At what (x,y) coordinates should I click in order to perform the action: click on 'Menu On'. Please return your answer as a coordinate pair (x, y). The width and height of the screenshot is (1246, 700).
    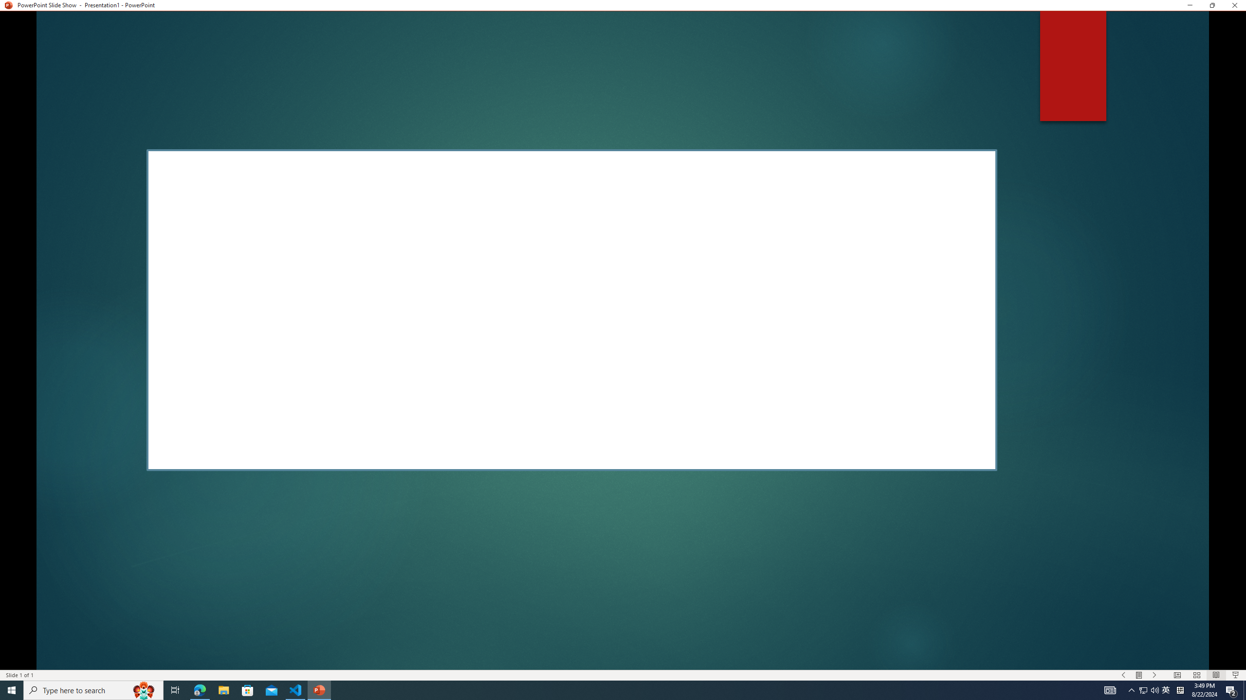
    Looking at the image, I should click on (1139, 675).